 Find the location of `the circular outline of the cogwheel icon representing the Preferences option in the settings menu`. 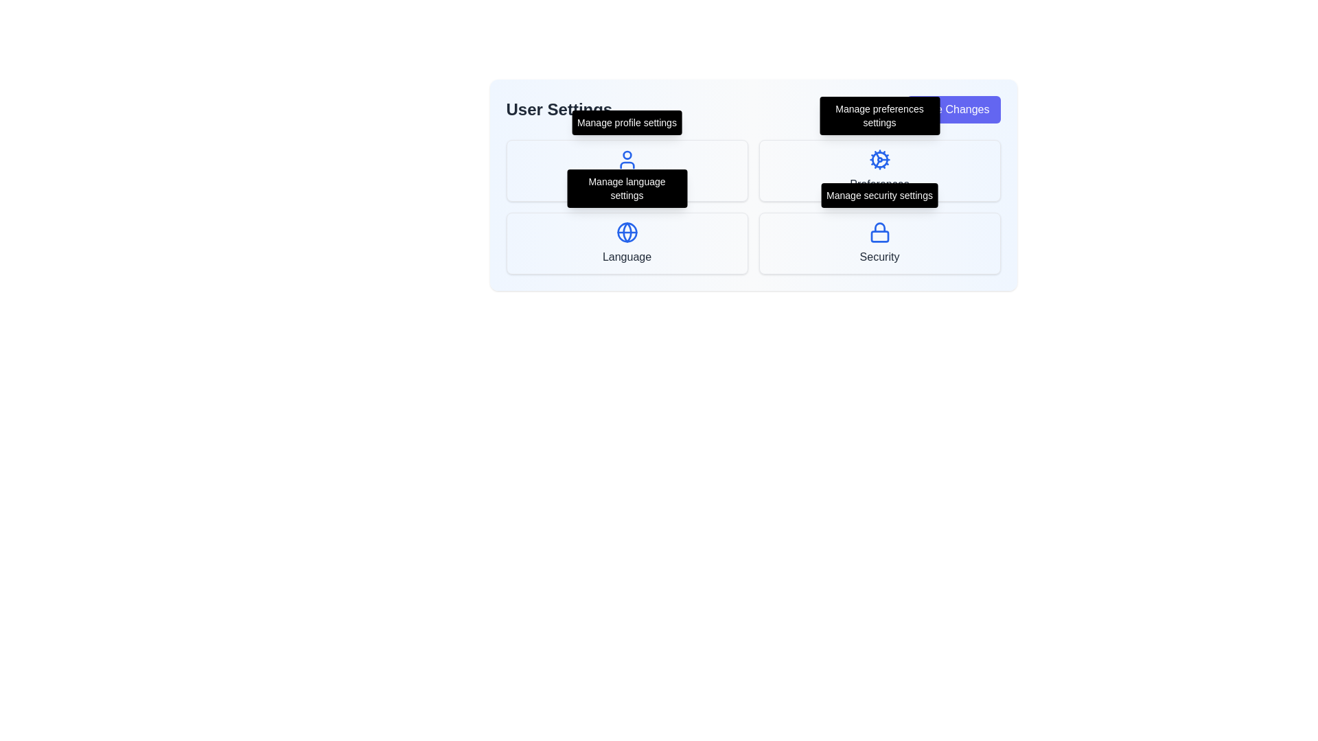

the circular outline of the cogwheel icon representing the Preferences option in the settings menu is located at coordinates (879, 158).